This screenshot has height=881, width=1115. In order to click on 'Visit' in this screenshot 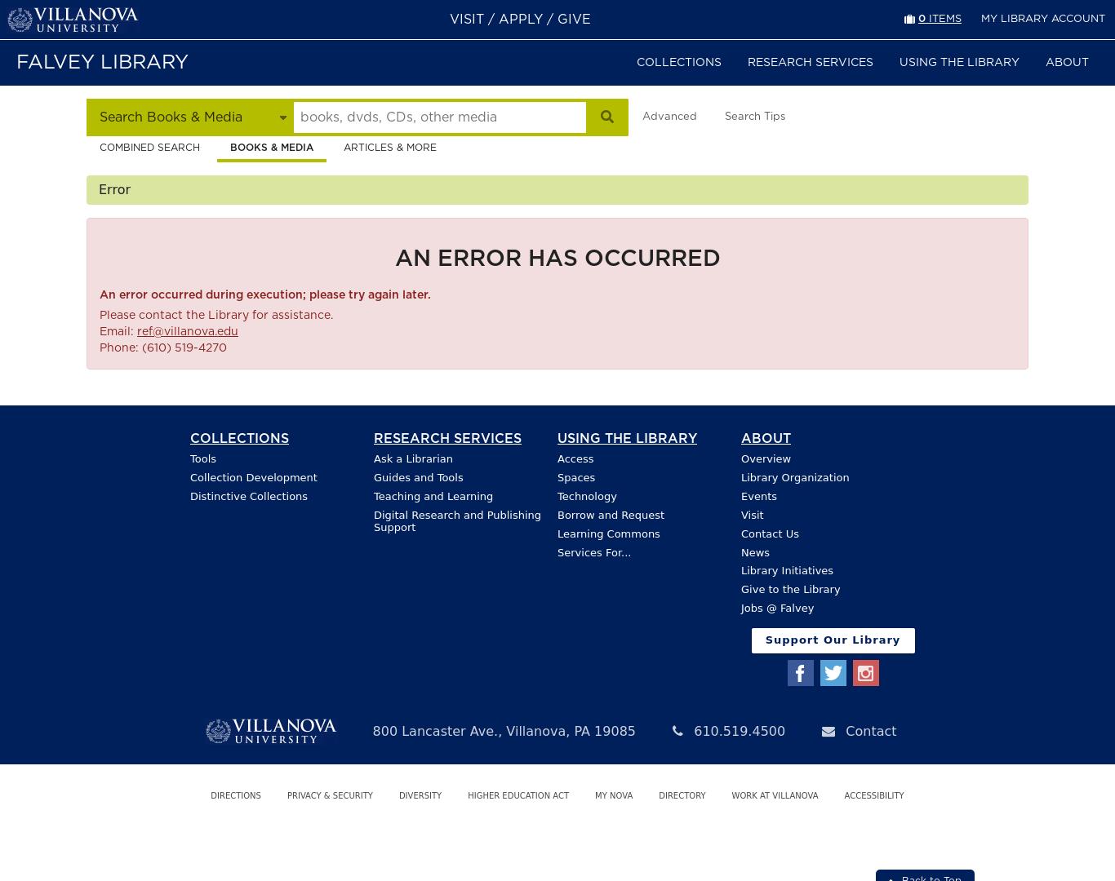, I will do `click(752, 514)`.